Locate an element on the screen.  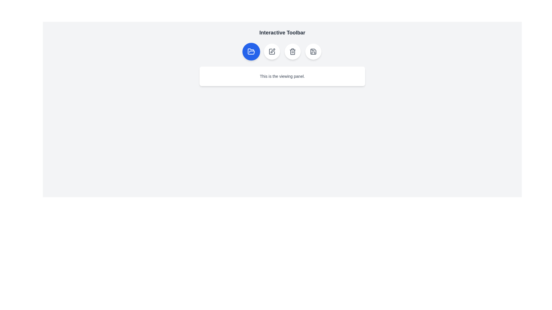
the edit icon button located centrally in the toolbar is located at coordinates (271, 52).